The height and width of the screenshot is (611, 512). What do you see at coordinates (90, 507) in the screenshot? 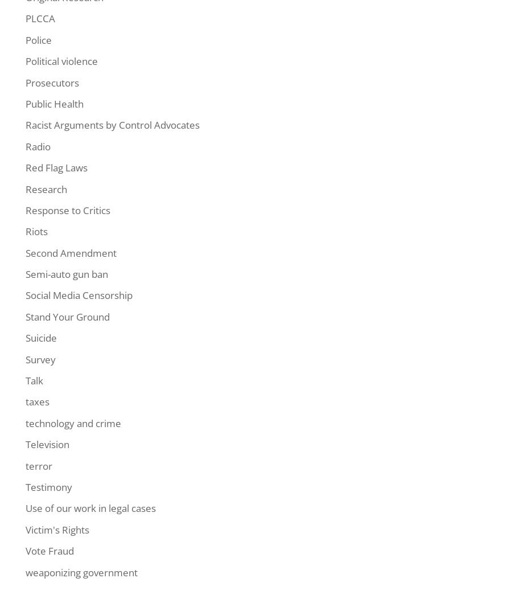
I see `'Use of our work in legal cases'` at bounding box center [90, 507].